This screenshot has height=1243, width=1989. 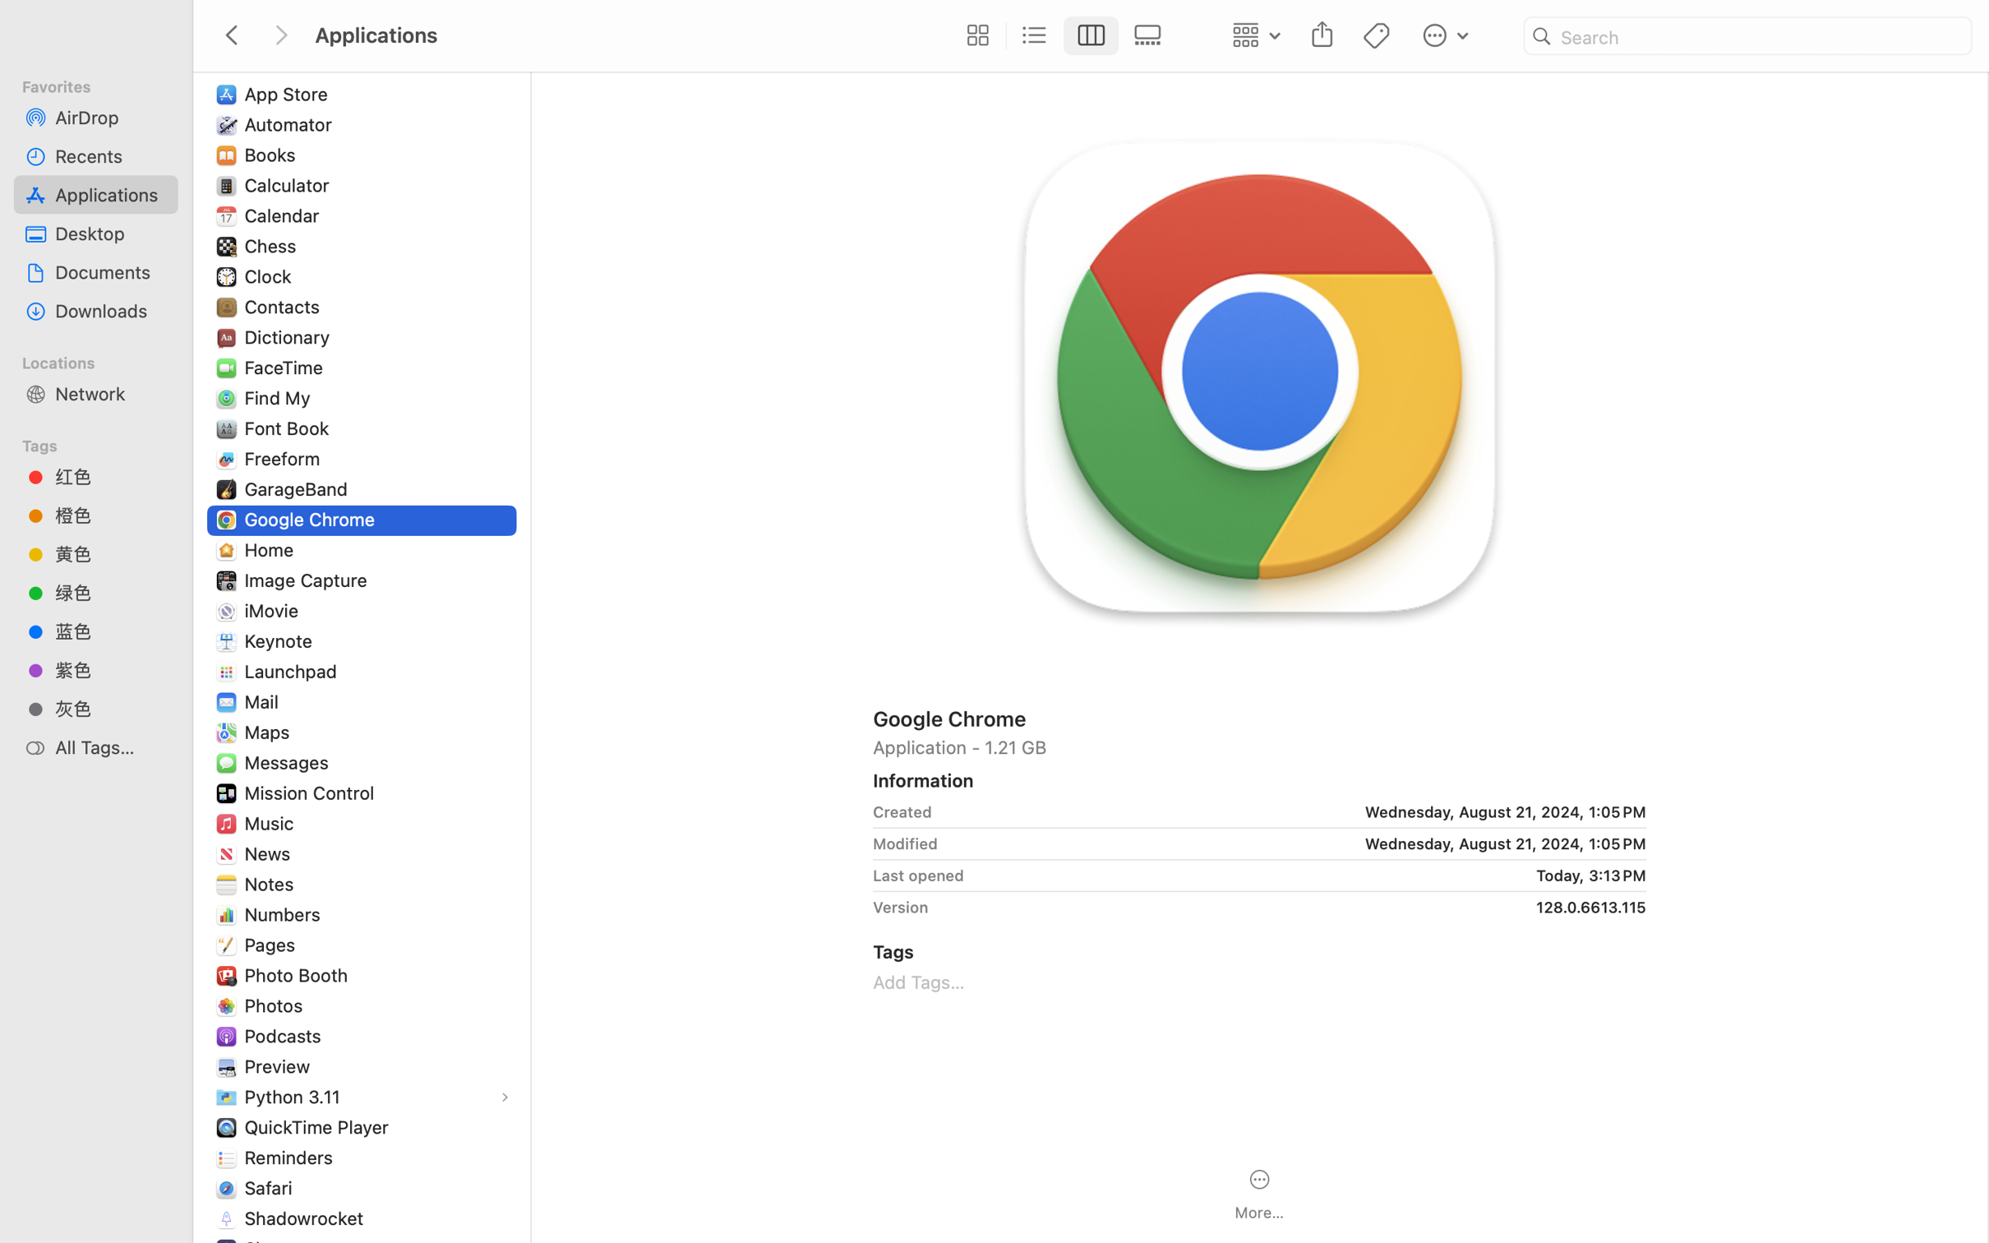 I want to click on 'Downloads', so click(x=110, y=311).